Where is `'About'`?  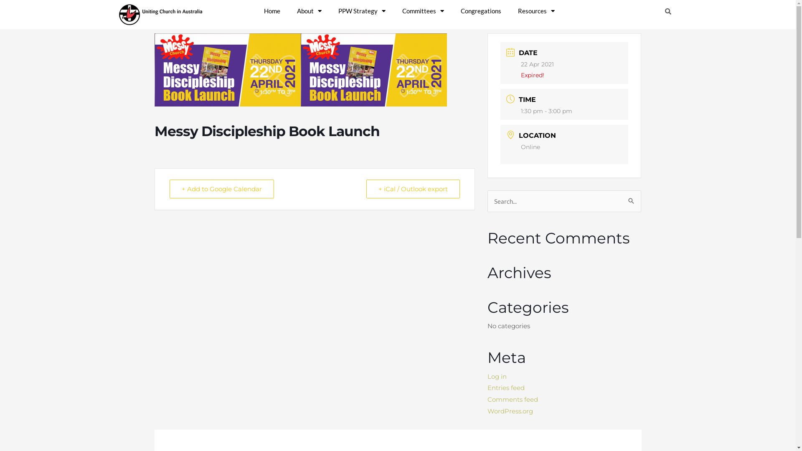 'About' is located at coordinates (288, 11).